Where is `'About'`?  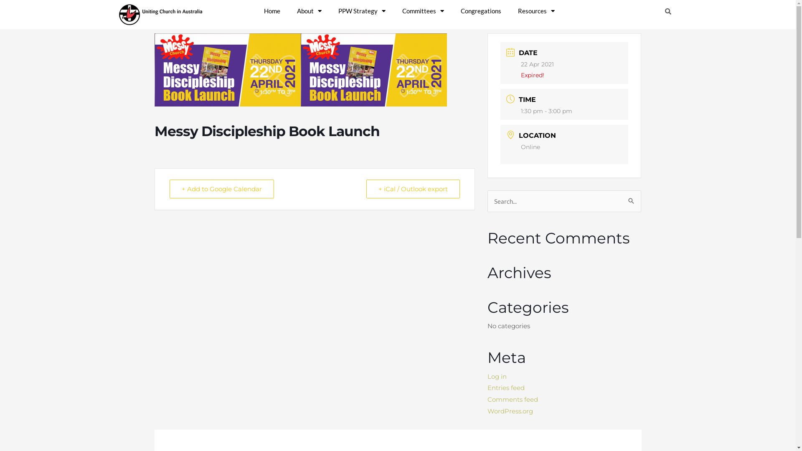 'About' is located at coordinates (288, 11).